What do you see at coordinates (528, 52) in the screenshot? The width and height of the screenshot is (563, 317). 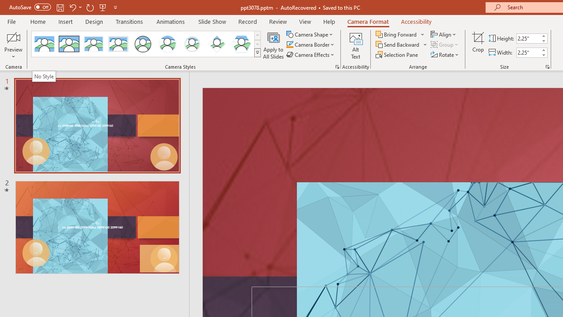 I see `'Cameo Width'` at bounding box center [528, 52].